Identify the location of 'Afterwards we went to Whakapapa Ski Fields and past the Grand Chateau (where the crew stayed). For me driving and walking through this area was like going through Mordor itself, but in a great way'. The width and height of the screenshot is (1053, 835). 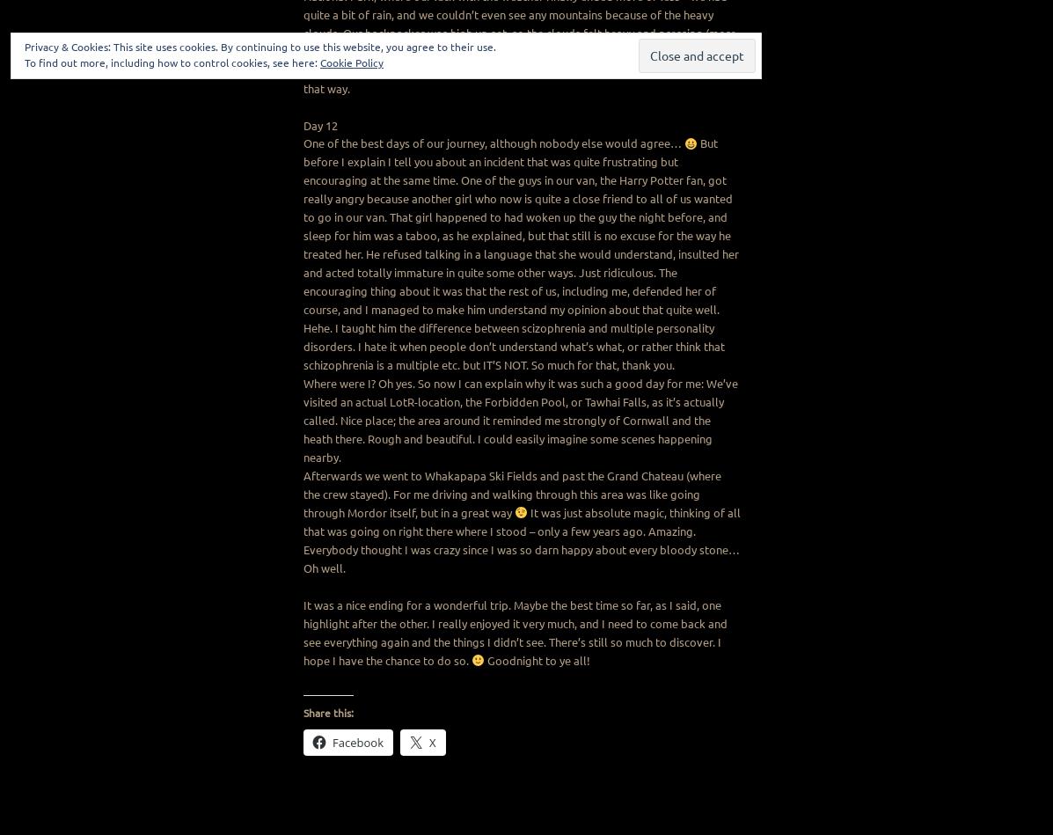
(512, 493).